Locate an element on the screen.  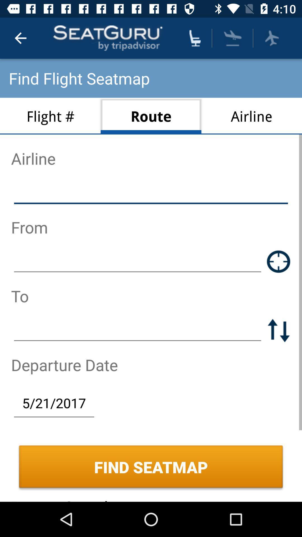
the item to the right of the flight # item is located at coordinates (151, 116).